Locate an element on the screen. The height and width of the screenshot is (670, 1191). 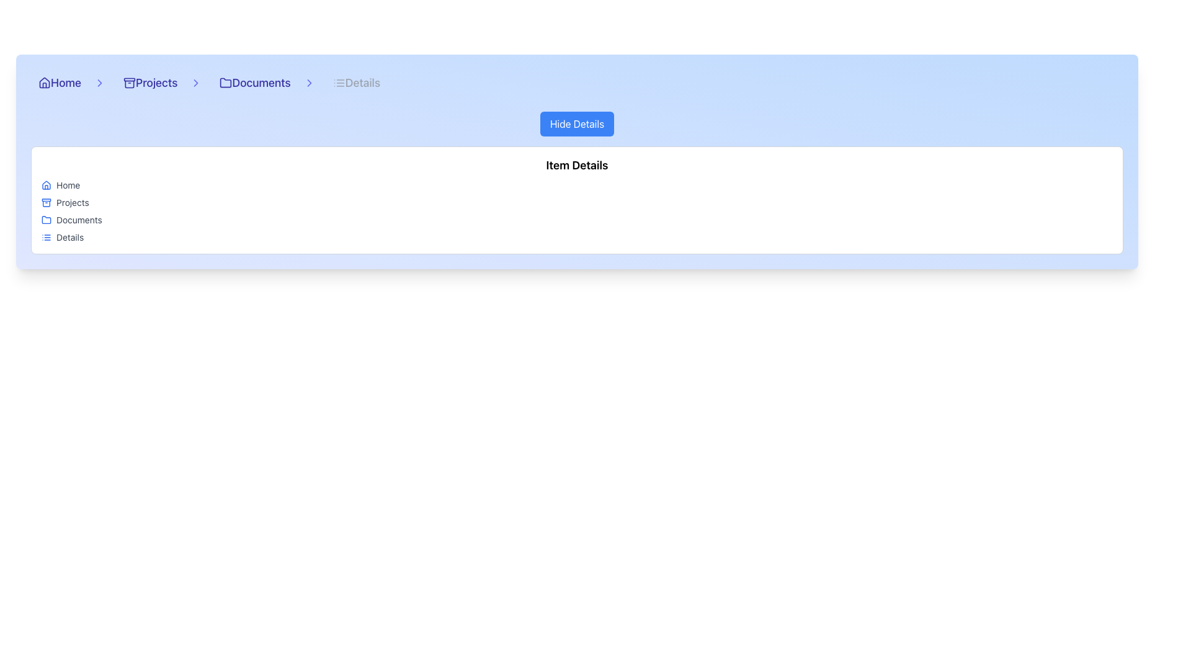
the 'Documents' navigation item in the breadcrumb navigation bar is located at coordinates (263, 83).